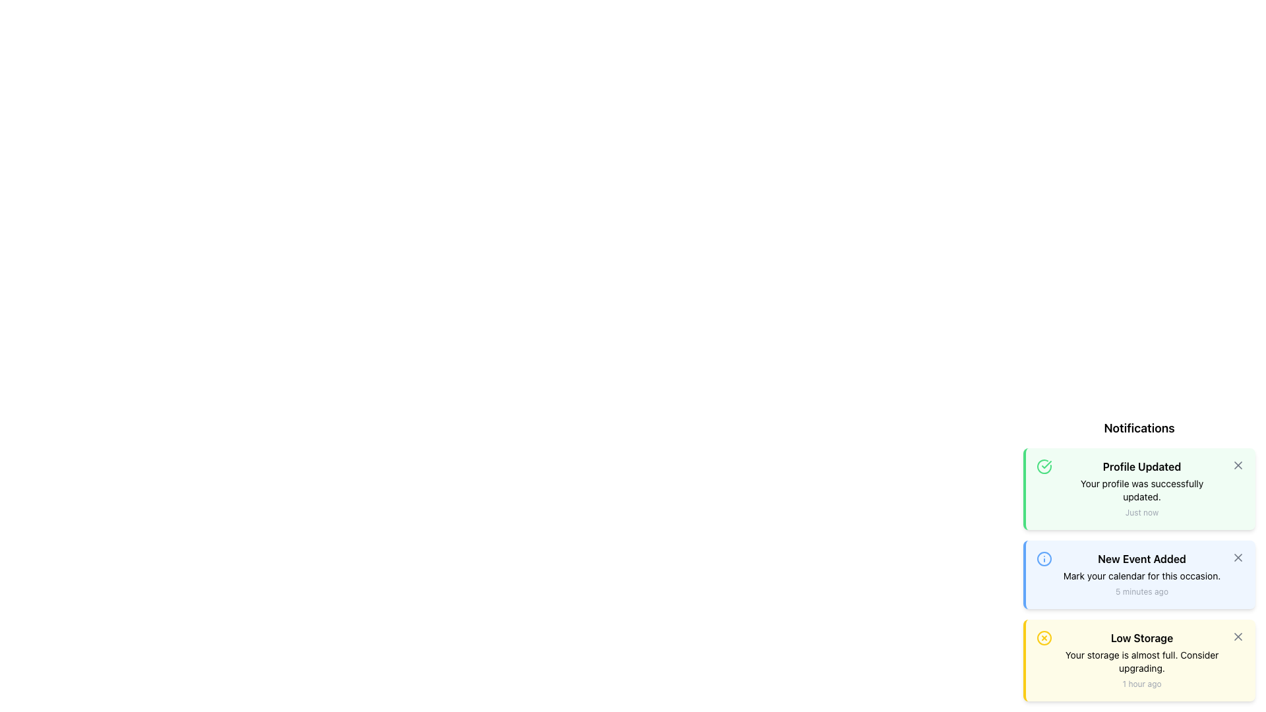 The width and height of the screenshot is (1266, 712). What do you see at coordinates (1141, 489) in the screenshot?
I see `the notification about the successful update of the user's profile, which is displayed in the green notification box on the right side of the interface` at bounding box center [1141, 489].